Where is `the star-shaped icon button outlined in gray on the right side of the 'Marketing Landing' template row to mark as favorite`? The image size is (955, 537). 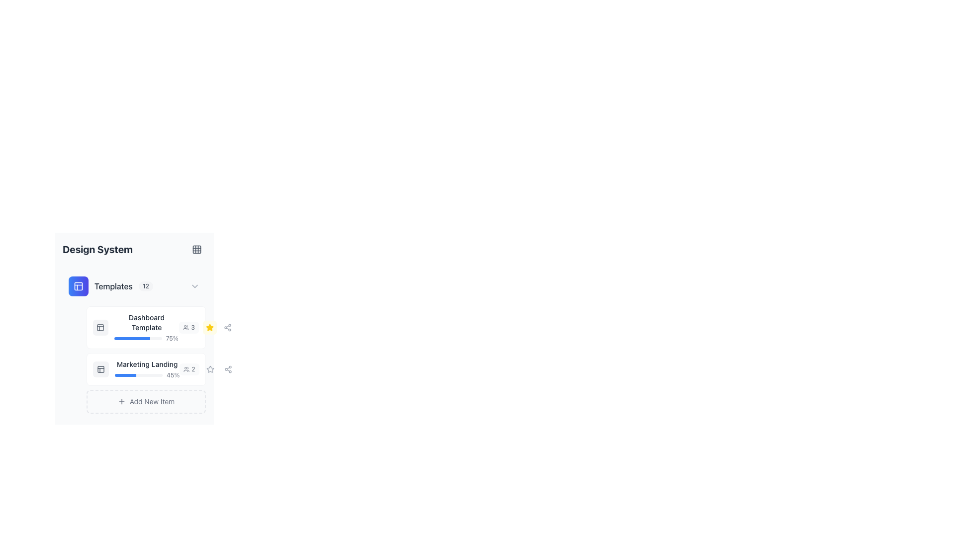 the star-shaped icon button outlined in gray on the right side of the 'Marketing Landing' template row to mark as favorite is located at coordinates (209, 369).